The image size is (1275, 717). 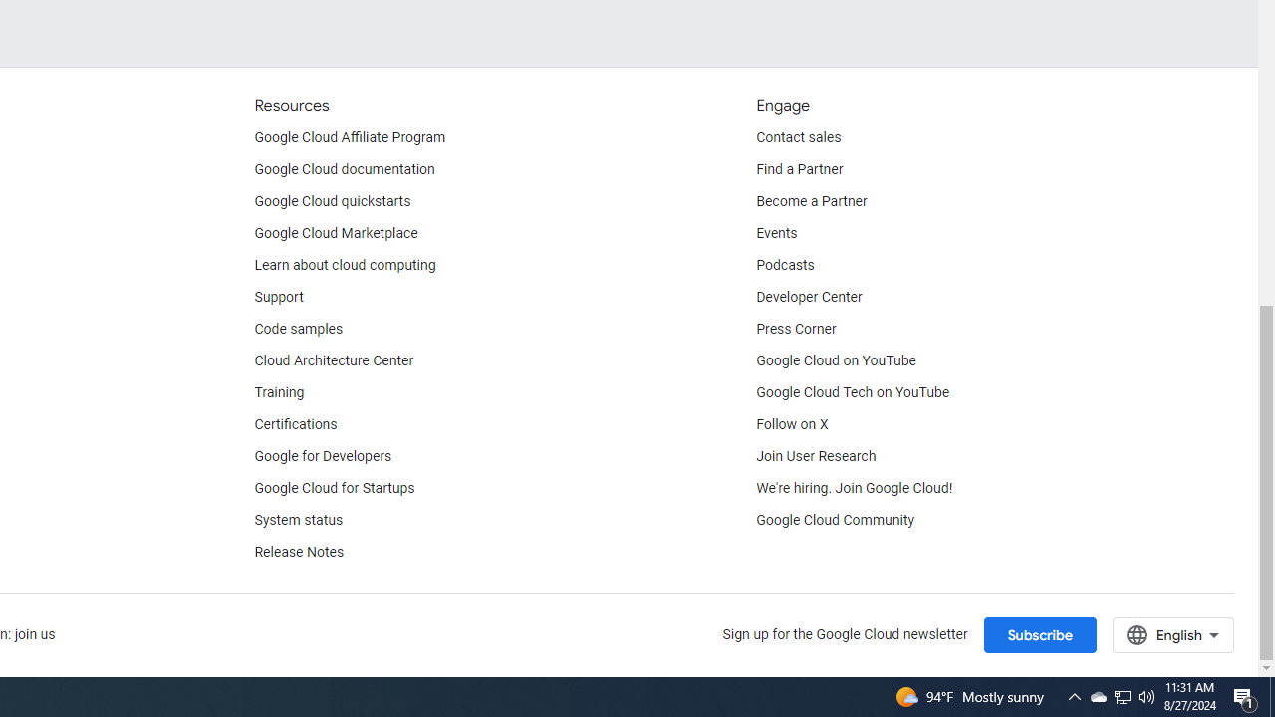 I want to click on 'Training', so click(x=278, y=392).